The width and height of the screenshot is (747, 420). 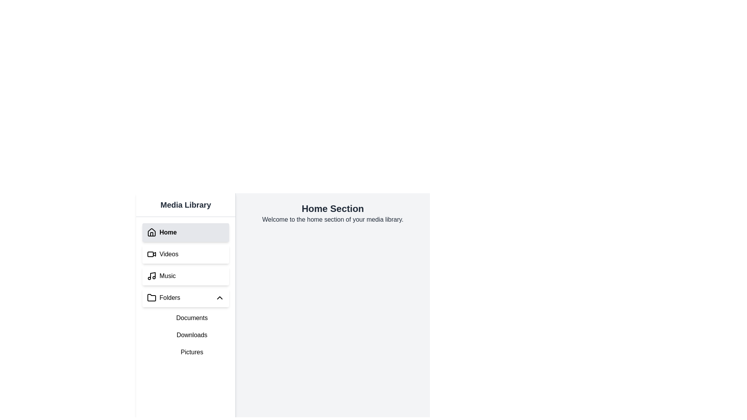 I want to click on the 'Home' navigation button label located in the left navigation panel under the 'Media Library' section, which is adjacent to a house icon, so click(x=168, y=232).